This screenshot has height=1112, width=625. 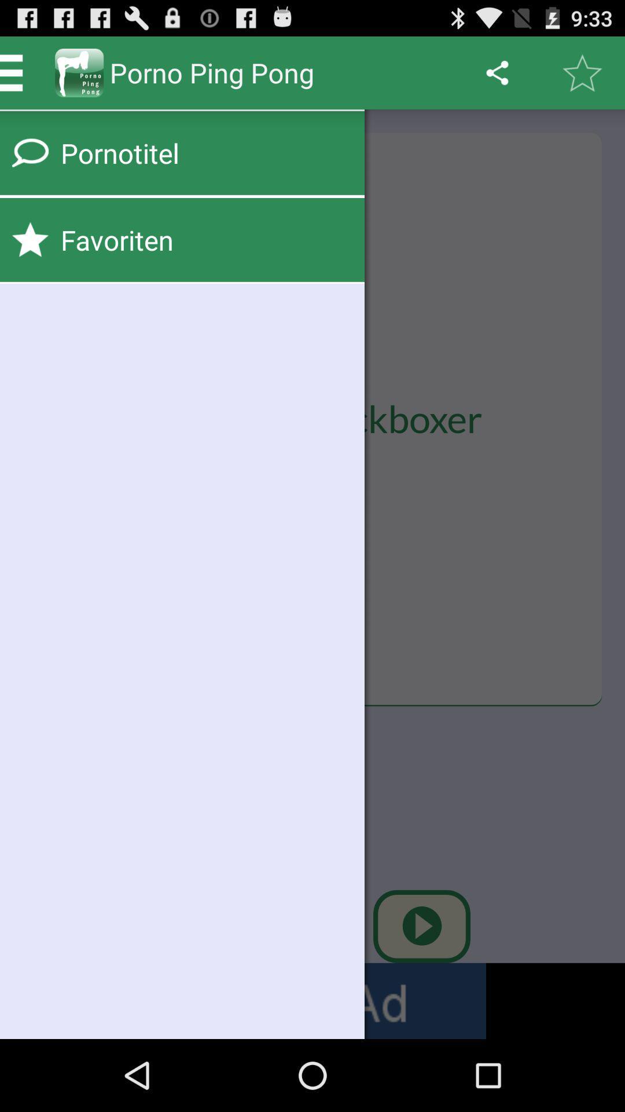 I want to click on the star button which is at top right corner of the web page, so click(x=582, y=72).